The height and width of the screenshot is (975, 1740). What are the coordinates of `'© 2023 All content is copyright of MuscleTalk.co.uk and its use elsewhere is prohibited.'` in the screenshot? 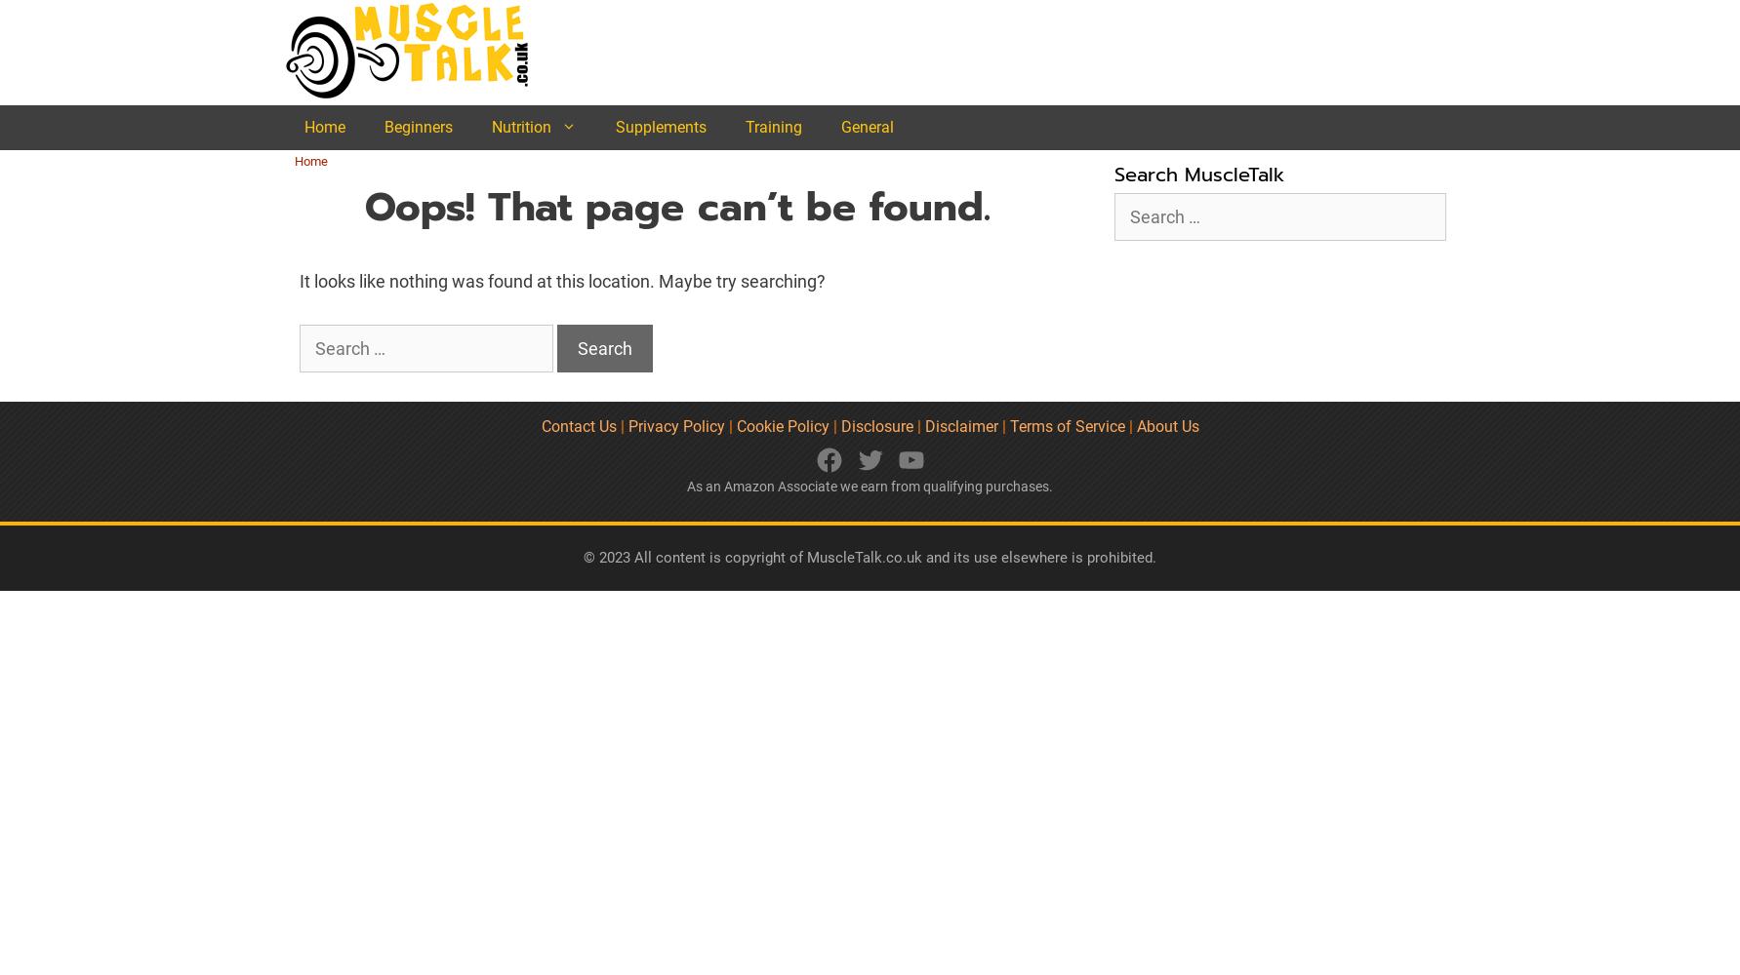 It's located at (870, 556).